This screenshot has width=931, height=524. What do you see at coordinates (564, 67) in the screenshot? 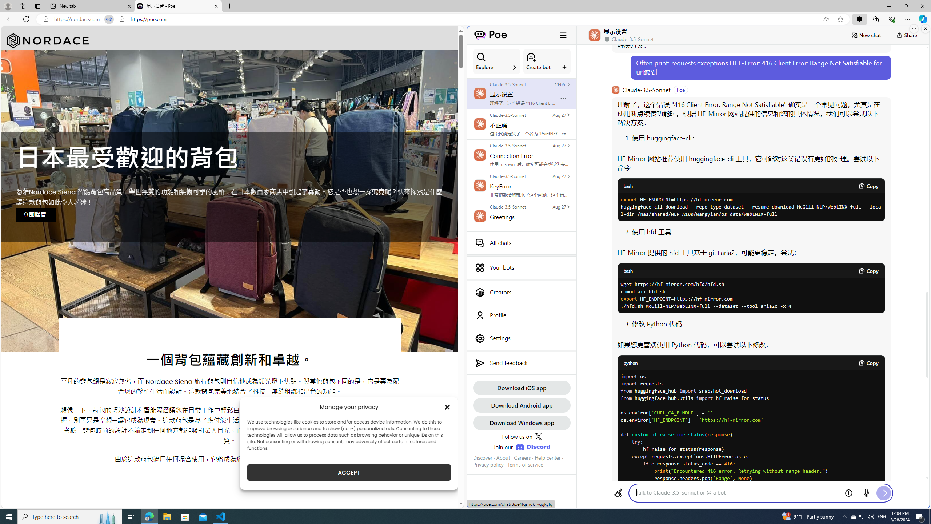
I see `'Class: ManageBotsCardSection_labelIcon__EjW_j'` at bounding box center [564, 67].